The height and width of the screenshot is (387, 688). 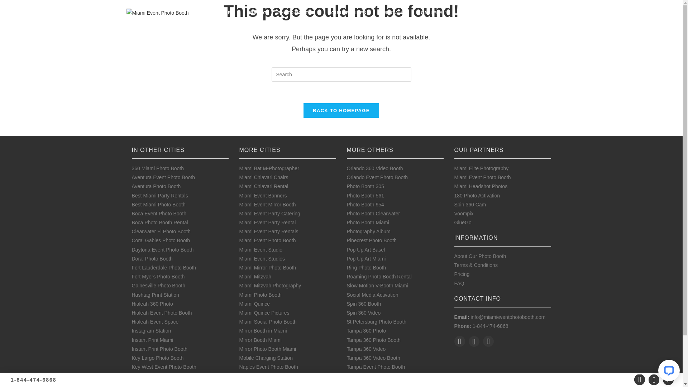 What do you see at coordinates (161, 231) in the screenshot?
I see `'Clearwater Fl Photo Booth'` at bounding box center [161, 231].